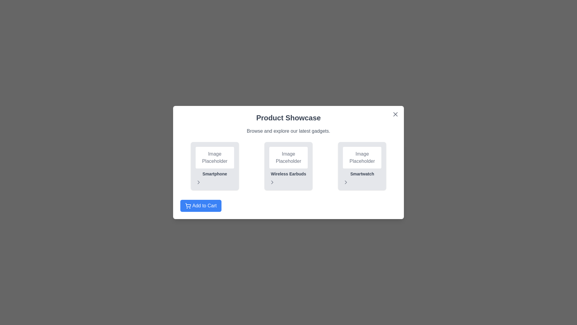 The image size is (577, 325). Describe the element at coordinates (188, 205) in the screenshot. I see `the small shopping cart icon located within the 'Add to Cart' button, positioned to the left of the text label 'Add to Cart.'` at that location.